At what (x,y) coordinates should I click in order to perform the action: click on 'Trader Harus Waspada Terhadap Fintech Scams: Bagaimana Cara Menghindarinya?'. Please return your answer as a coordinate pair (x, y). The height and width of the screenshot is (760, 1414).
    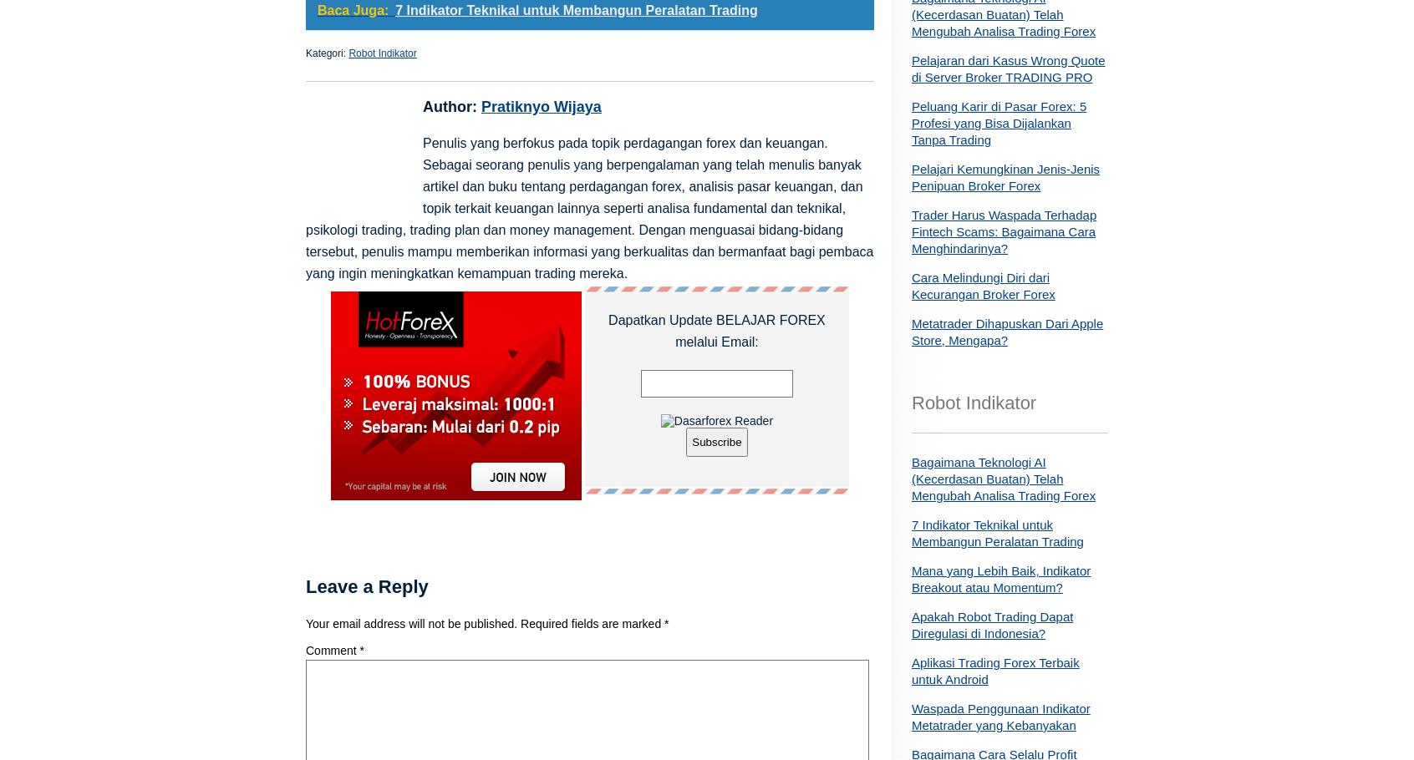
    Looking at the image, I should click on (912, 231).